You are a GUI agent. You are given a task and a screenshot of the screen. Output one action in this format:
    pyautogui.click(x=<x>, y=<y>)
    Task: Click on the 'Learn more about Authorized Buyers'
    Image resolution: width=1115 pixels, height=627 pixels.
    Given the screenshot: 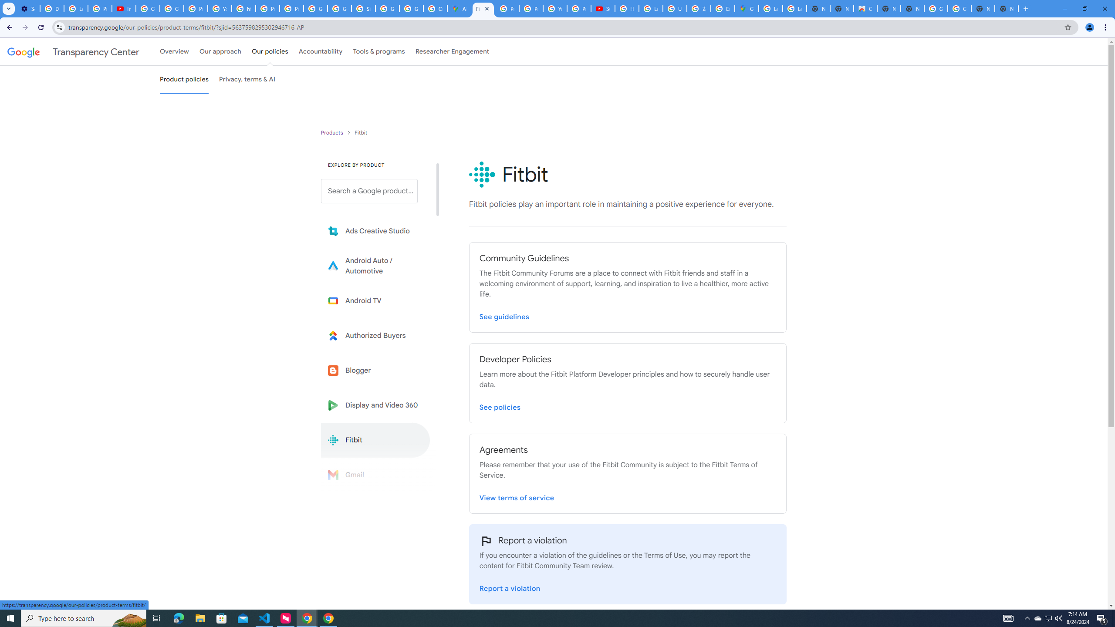 What is the action you would take?
    pyautogui.click(x=375, y=335)
    